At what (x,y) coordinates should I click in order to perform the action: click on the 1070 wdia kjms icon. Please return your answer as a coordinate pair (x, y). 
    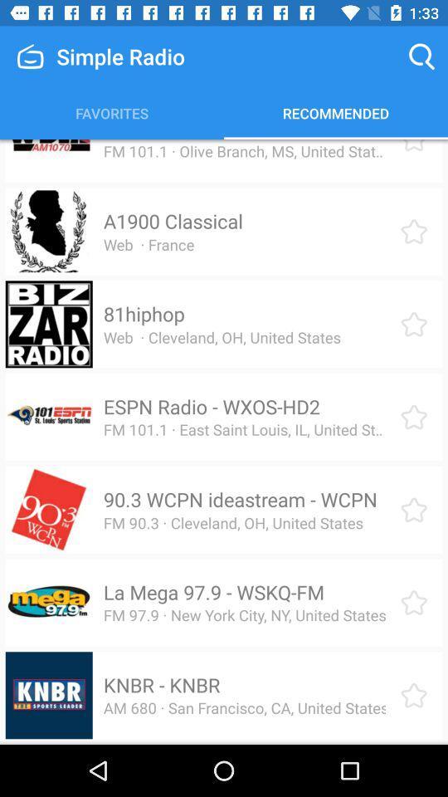
    Looking at the image, I should click on (207, 139).